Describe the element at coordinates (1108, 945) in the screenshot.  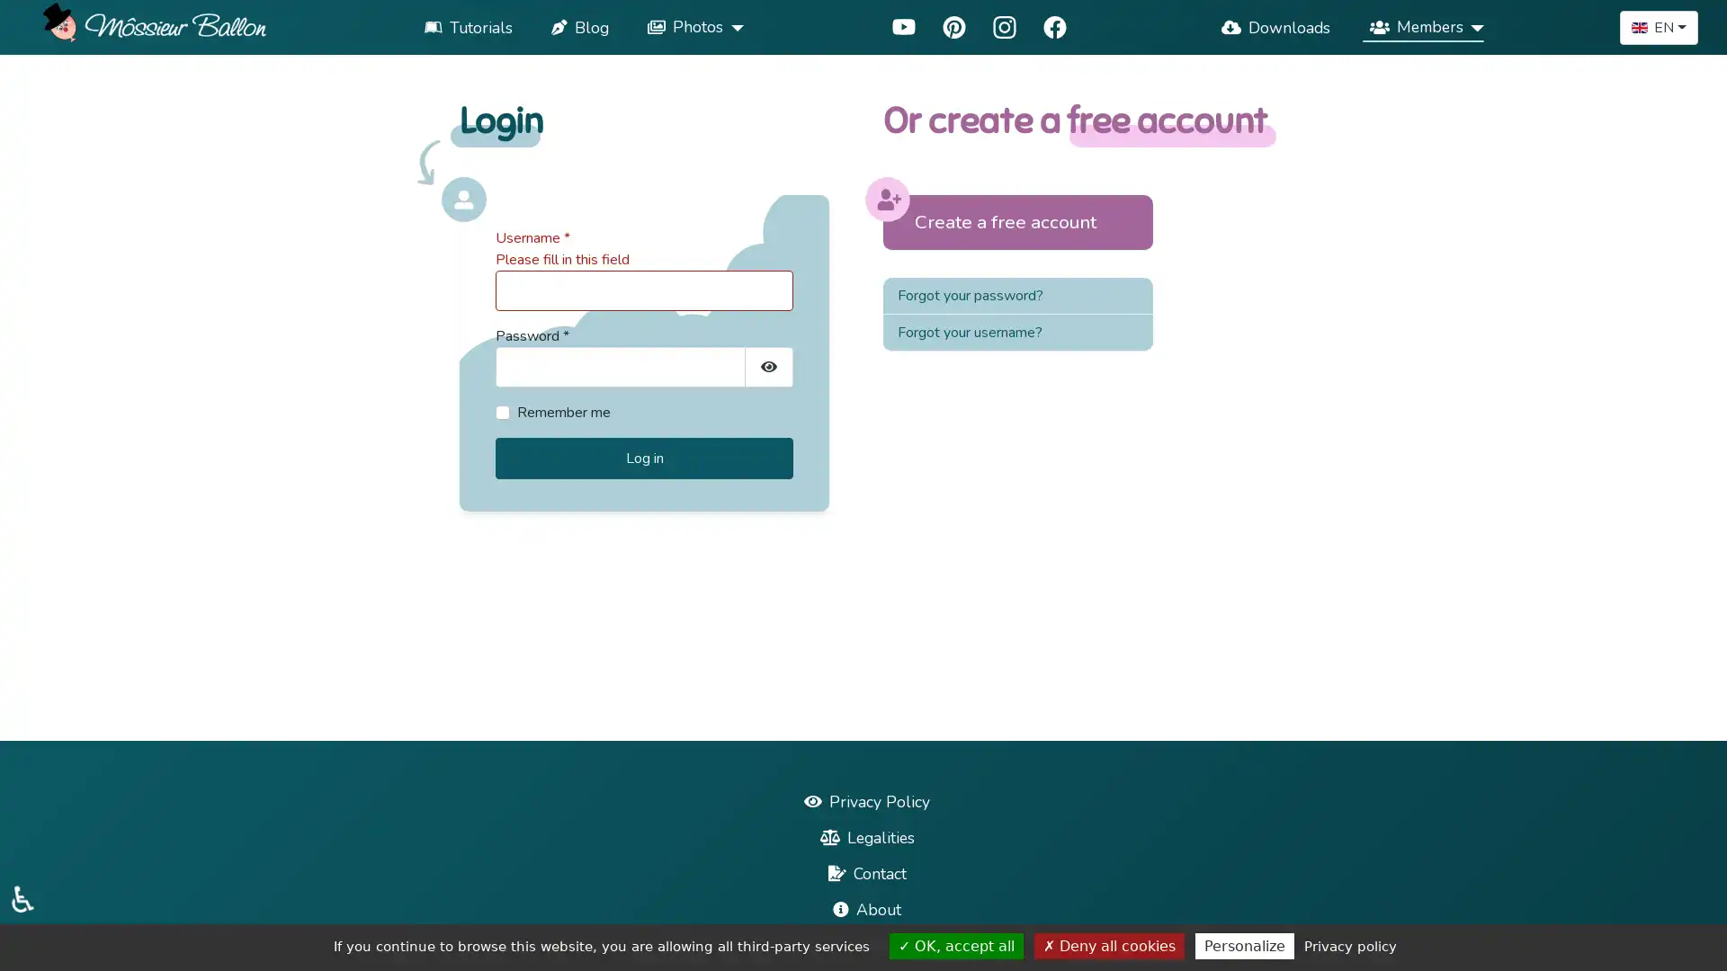
I see `Deny all cookies` at that location.